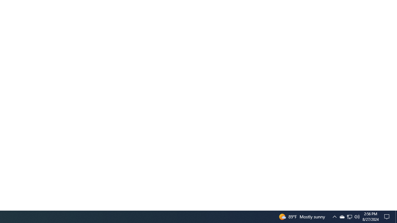  Describe the element at coordinates (341, 216) in the screenshot. I see `'User Promoted Notification Area'` at that location.